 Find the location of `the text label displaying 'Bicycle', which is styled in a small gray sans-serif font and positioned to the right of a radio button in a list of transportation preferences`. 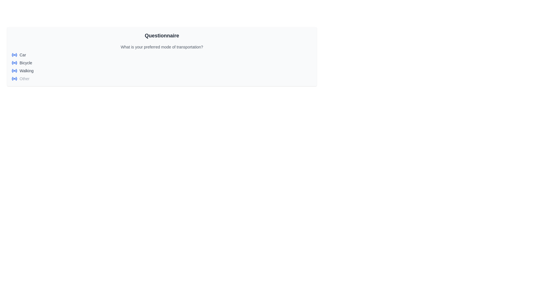

the text label displaying 'Bicycle', which is styled in a small gray sans-serif font and positioned to the right of a radio button in a list of transportation preferences is located at coordinates (26, 63).